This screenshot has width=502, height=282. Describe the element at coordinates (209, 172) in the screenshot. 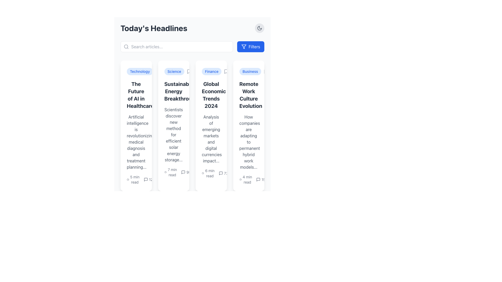

I see `the thumbs-up icon located at the bottom of the information card for the article titled 'Global Economic Trends 2024', which is part of the interactive UI elements` at that location.